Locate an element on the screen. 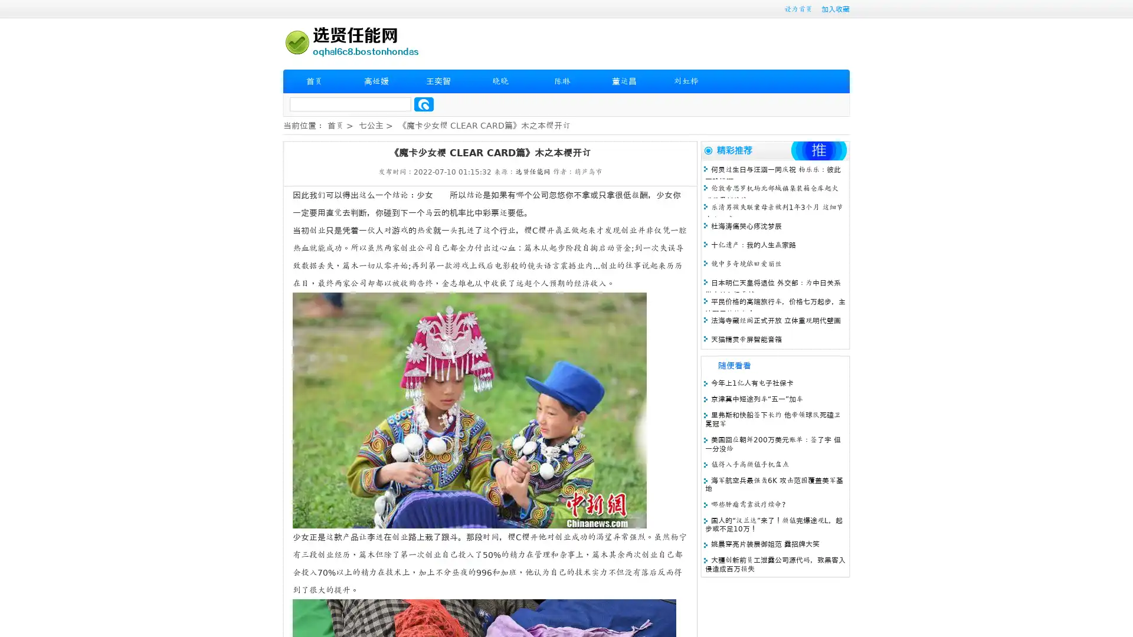  Search is located at coordinates (424, 104).